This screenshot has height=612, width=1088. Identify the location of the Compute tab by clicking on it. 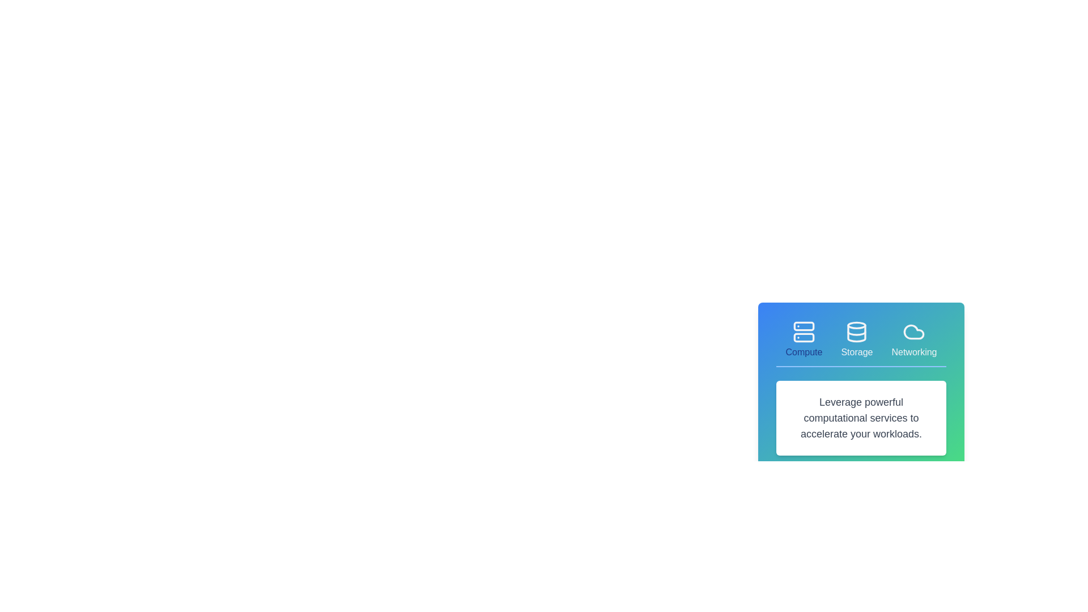
(802, 339).